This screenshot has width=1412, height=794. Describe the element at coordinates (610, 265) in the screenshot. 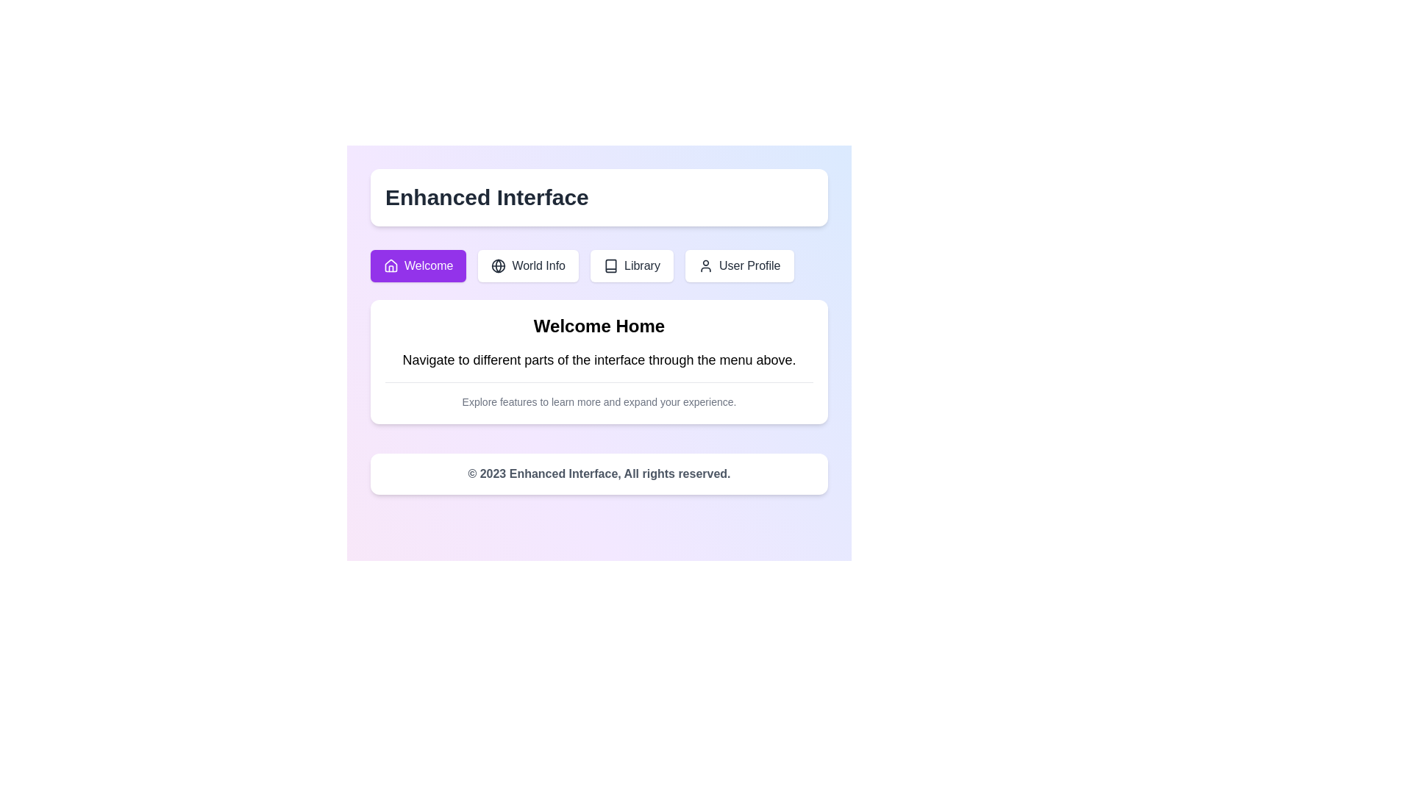

I see `the 'Library' icon located in the top navigation bar` at that location.